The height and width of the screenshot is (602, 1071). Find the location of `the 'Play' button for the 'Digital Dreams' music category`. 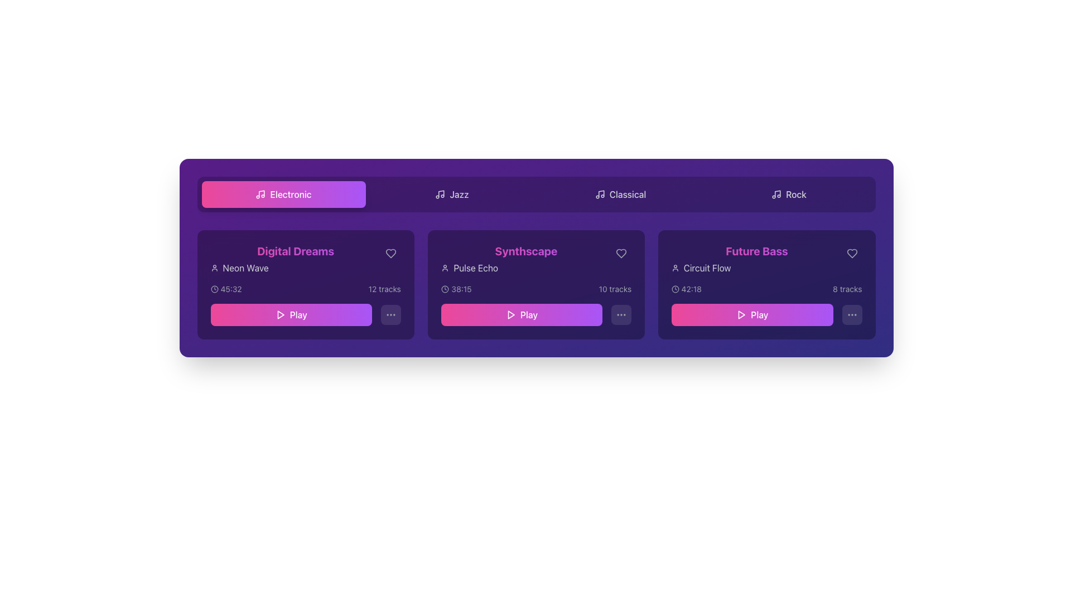

the 'Play' button for the 'Digital Dreams' music category is located at coordinates (291, 314).